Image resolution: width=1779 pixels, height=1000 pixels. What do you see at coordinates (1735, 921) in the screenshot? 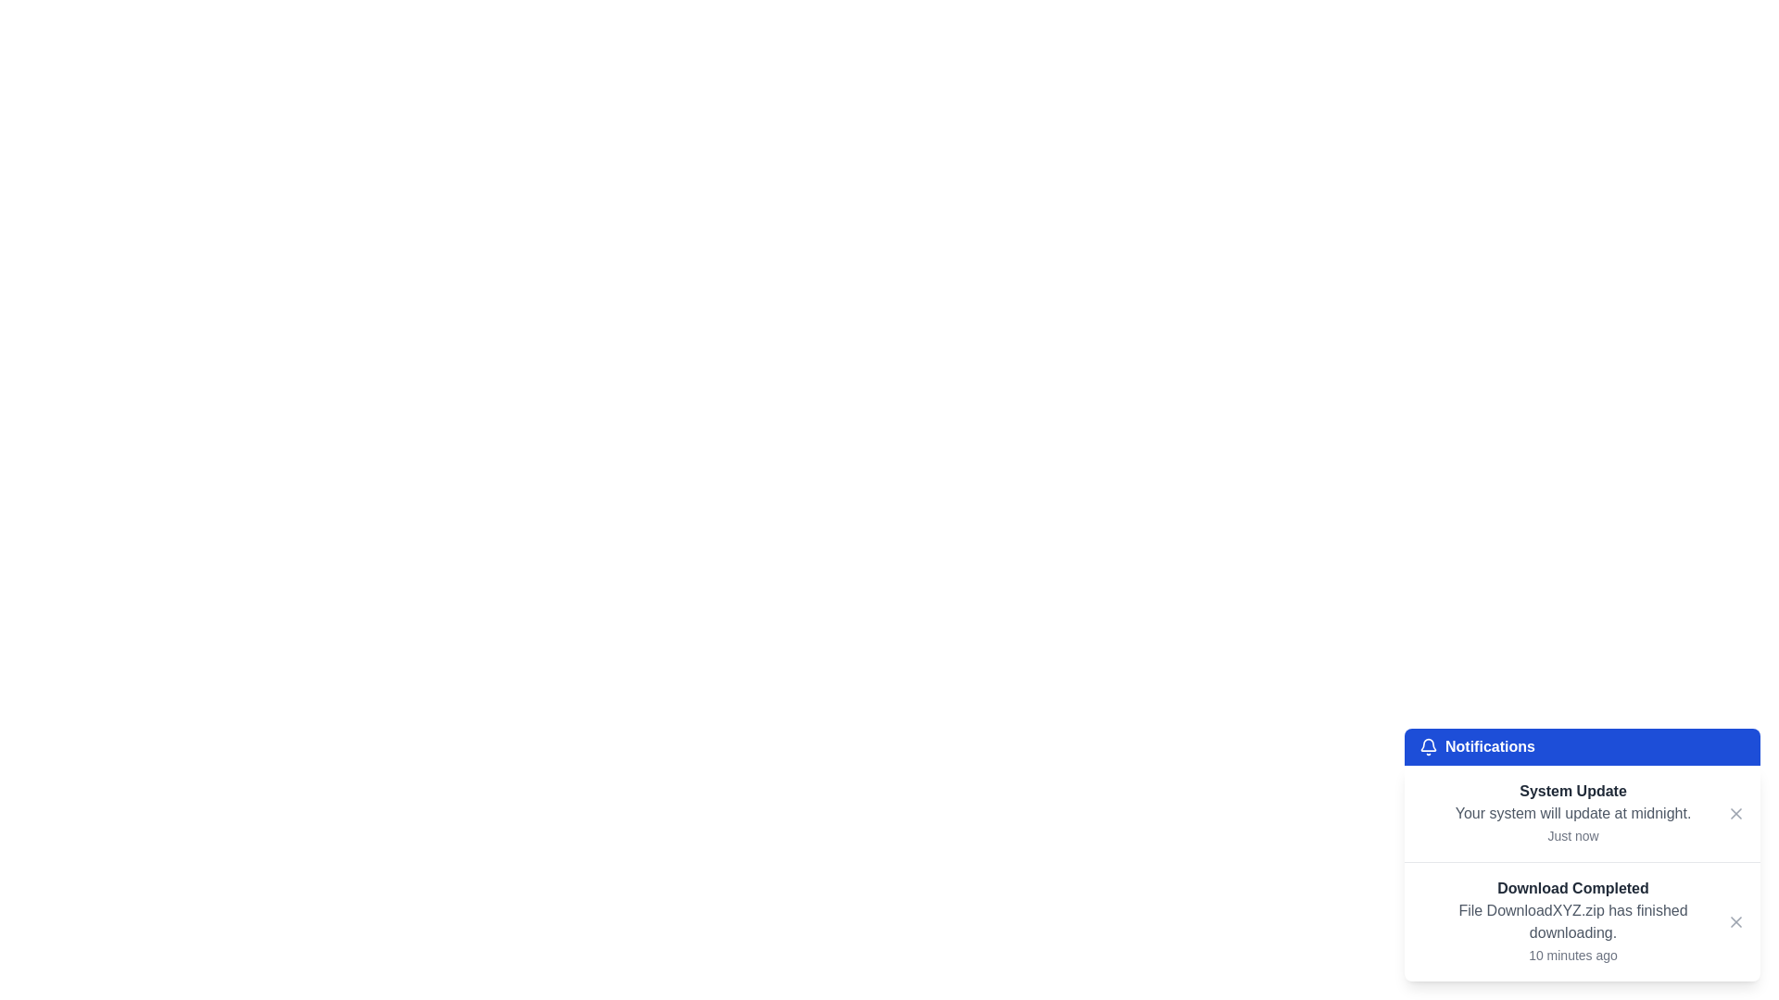
I see `the gray 'X' icon button located at the far-right end of the 'Download Completed' notification card` at bounding box center [1735, 921].